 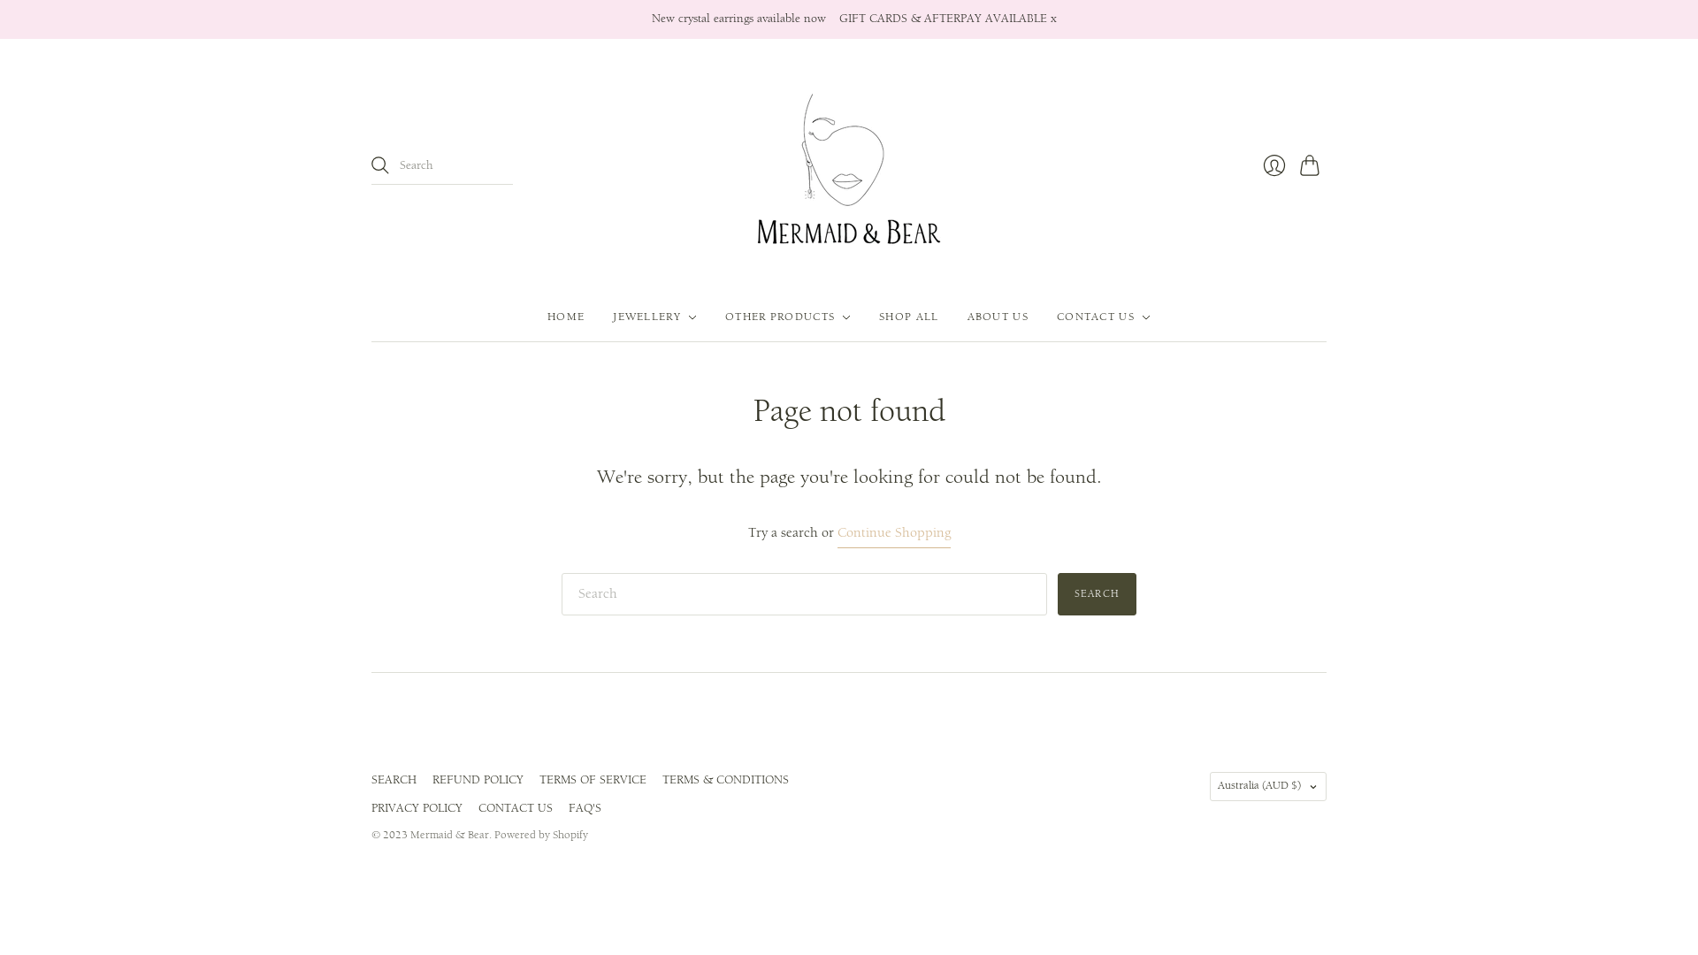 I want to click on 'Australia (AUD $)', so click(x=1267, y=785).